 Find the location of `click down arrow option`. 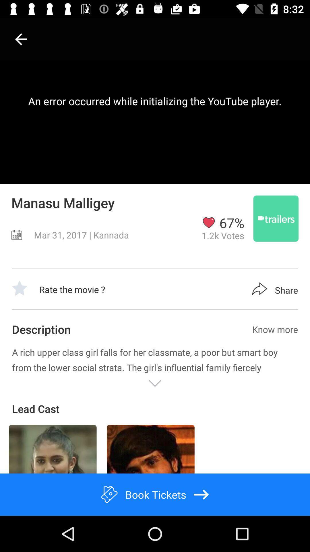

click down arrow option is located at coordinates (155, 384).